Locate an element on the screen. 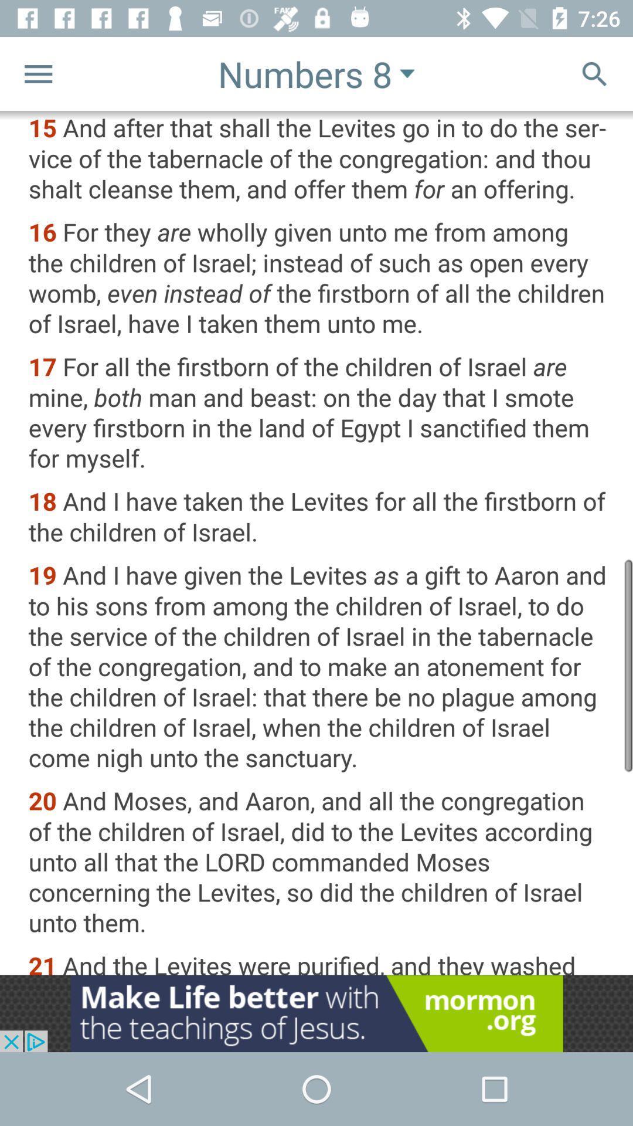 The height and width of the screenshot is (1126, 633). the menu icon is located at coordinates (38, 73).